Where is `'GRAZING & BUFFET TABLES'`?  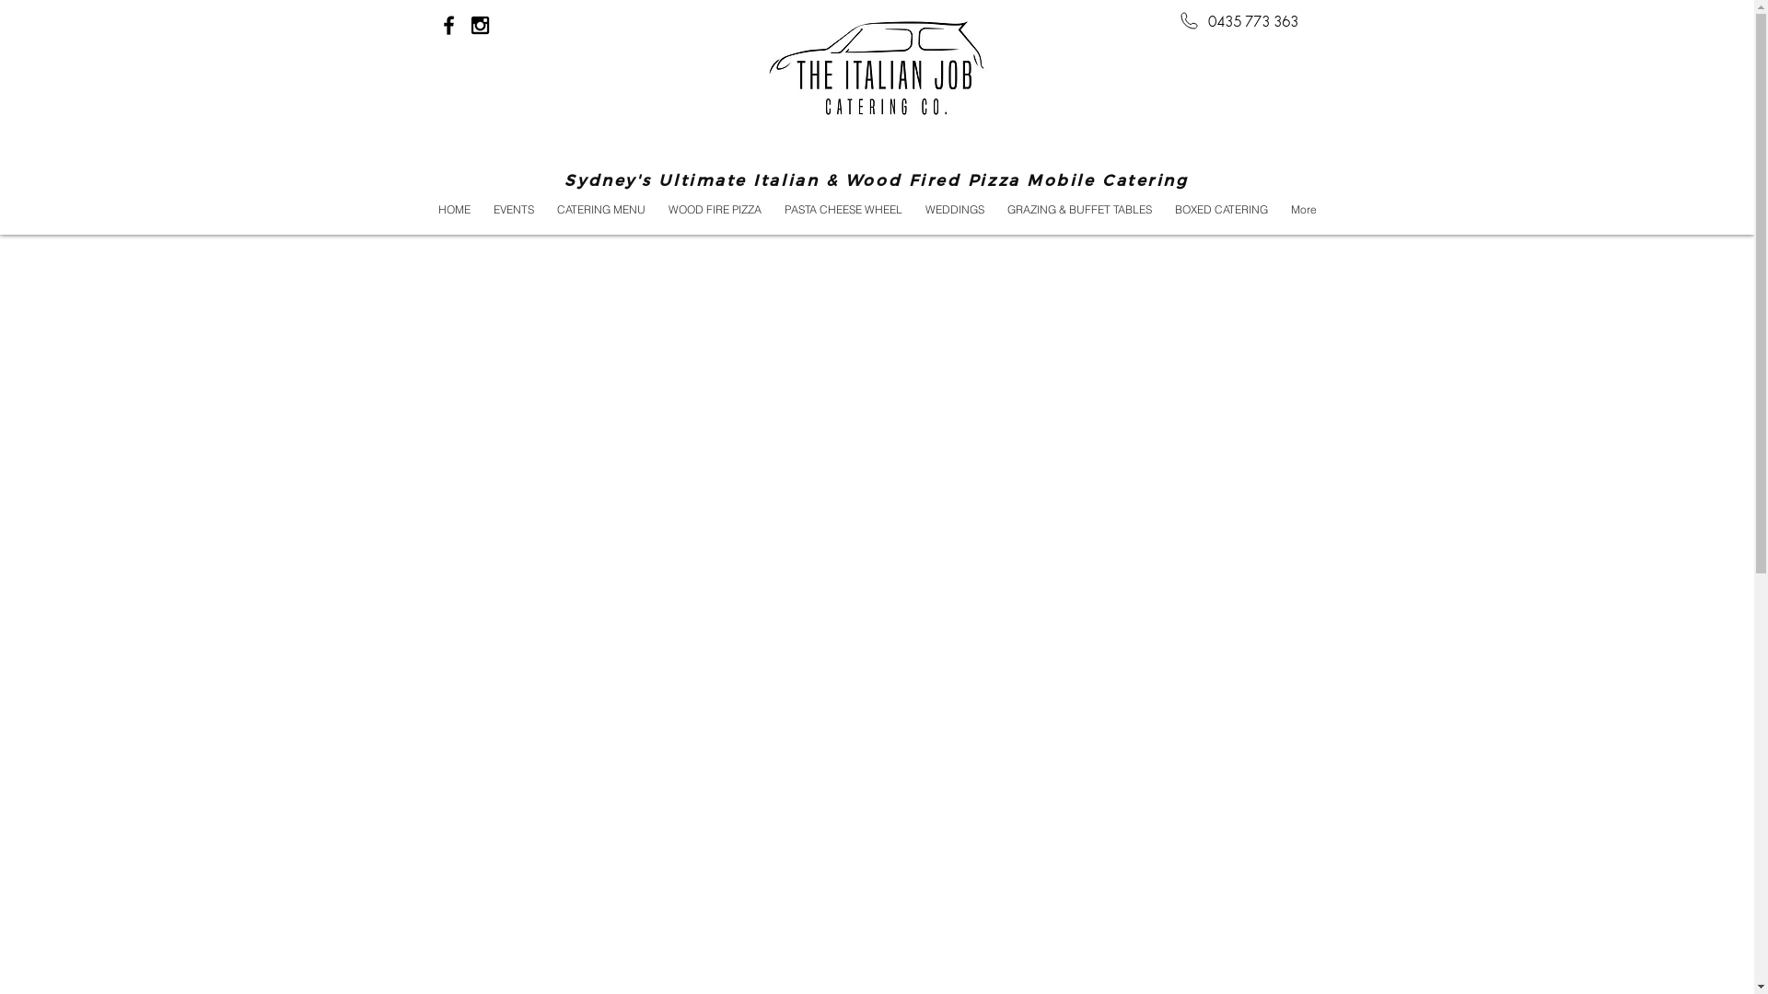 'GRAZING & BUFFET TABLES' is located at coordinates (994, 208).